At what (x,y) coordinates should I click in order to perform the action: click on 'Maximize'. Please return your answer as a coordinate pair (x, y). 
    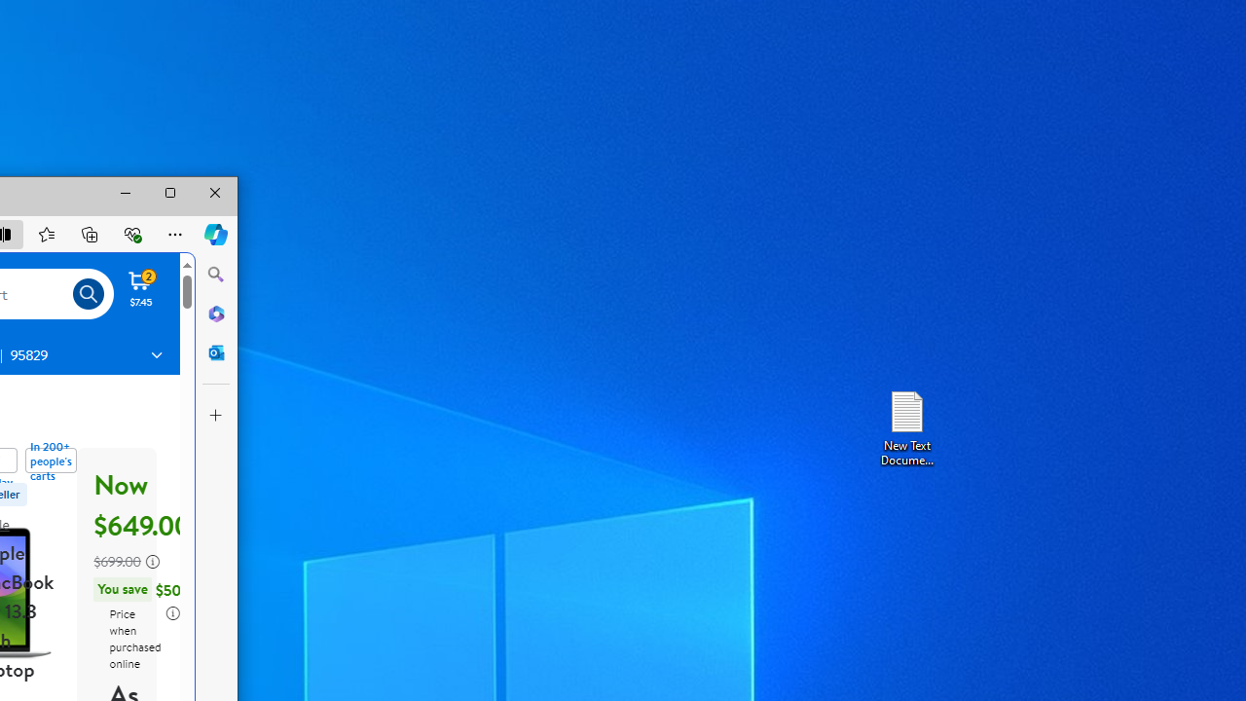
    Looking at the image, I should click on (170, 193).